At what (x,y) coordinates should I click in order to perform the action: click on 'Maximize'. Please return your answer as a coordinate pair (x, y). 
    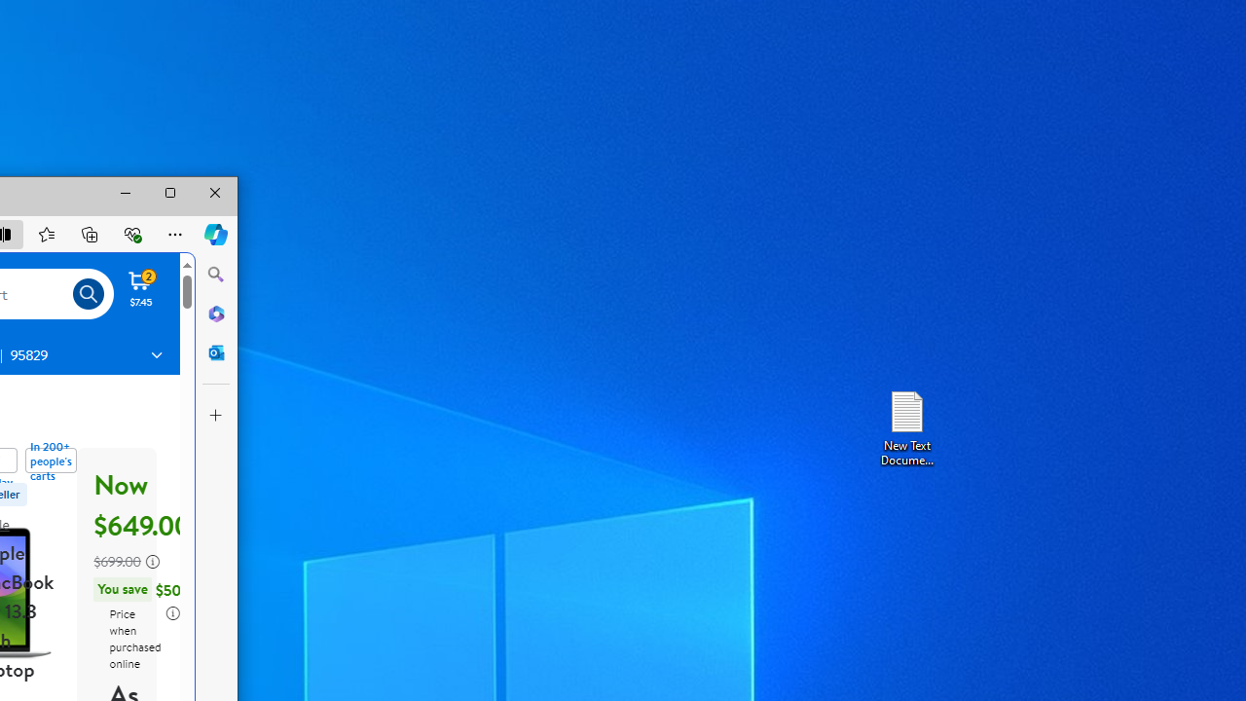
    Looking at the image, I should click on (170, 193).